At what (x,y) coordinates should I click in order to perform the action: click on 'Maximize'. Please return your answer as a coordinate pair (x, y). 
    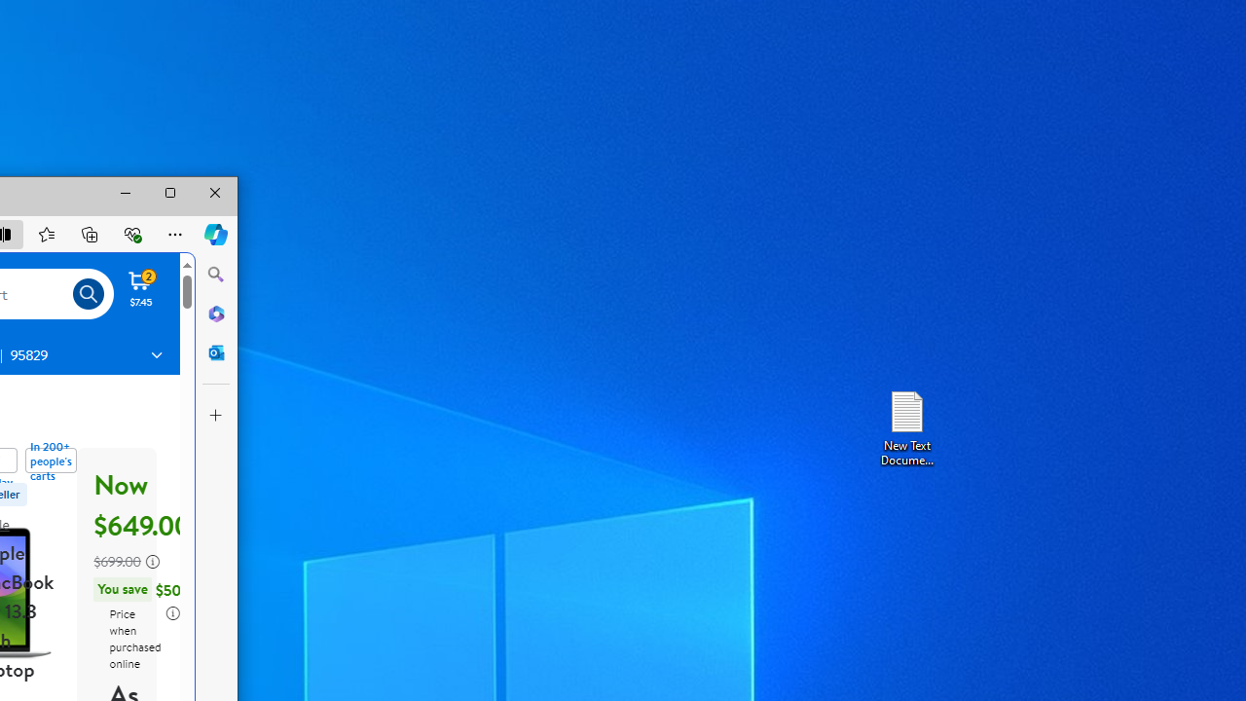
    Looking at the image, I should click on (170, 193).